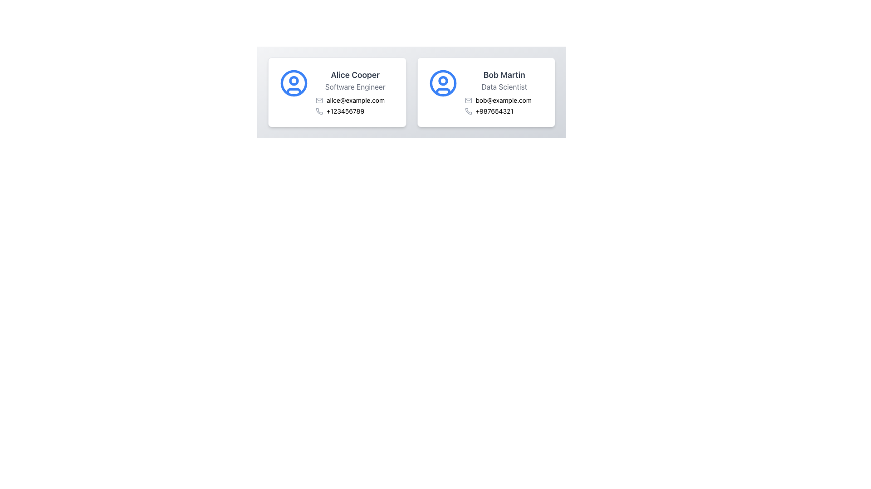  What do you see at coordinates (504, 101) in the screenshot?
I see `the interactive label displaying the email address 'bob@example.com' with an envelope icon, located below the 'Data Scientist' designation text in Bob Martin's section` at bounding box center [504, 101].